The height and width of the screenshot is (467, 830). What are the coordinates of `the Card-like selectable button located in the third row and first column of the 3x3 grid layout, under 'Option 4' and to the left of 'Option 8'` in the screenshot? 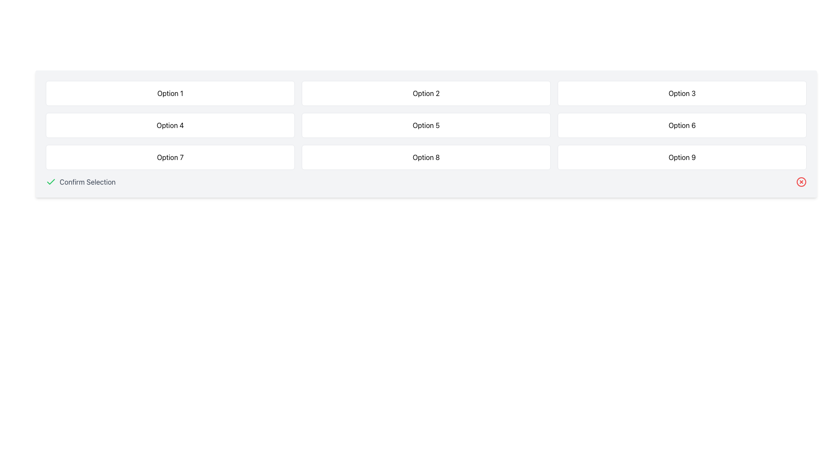 It's located at (170, 157).